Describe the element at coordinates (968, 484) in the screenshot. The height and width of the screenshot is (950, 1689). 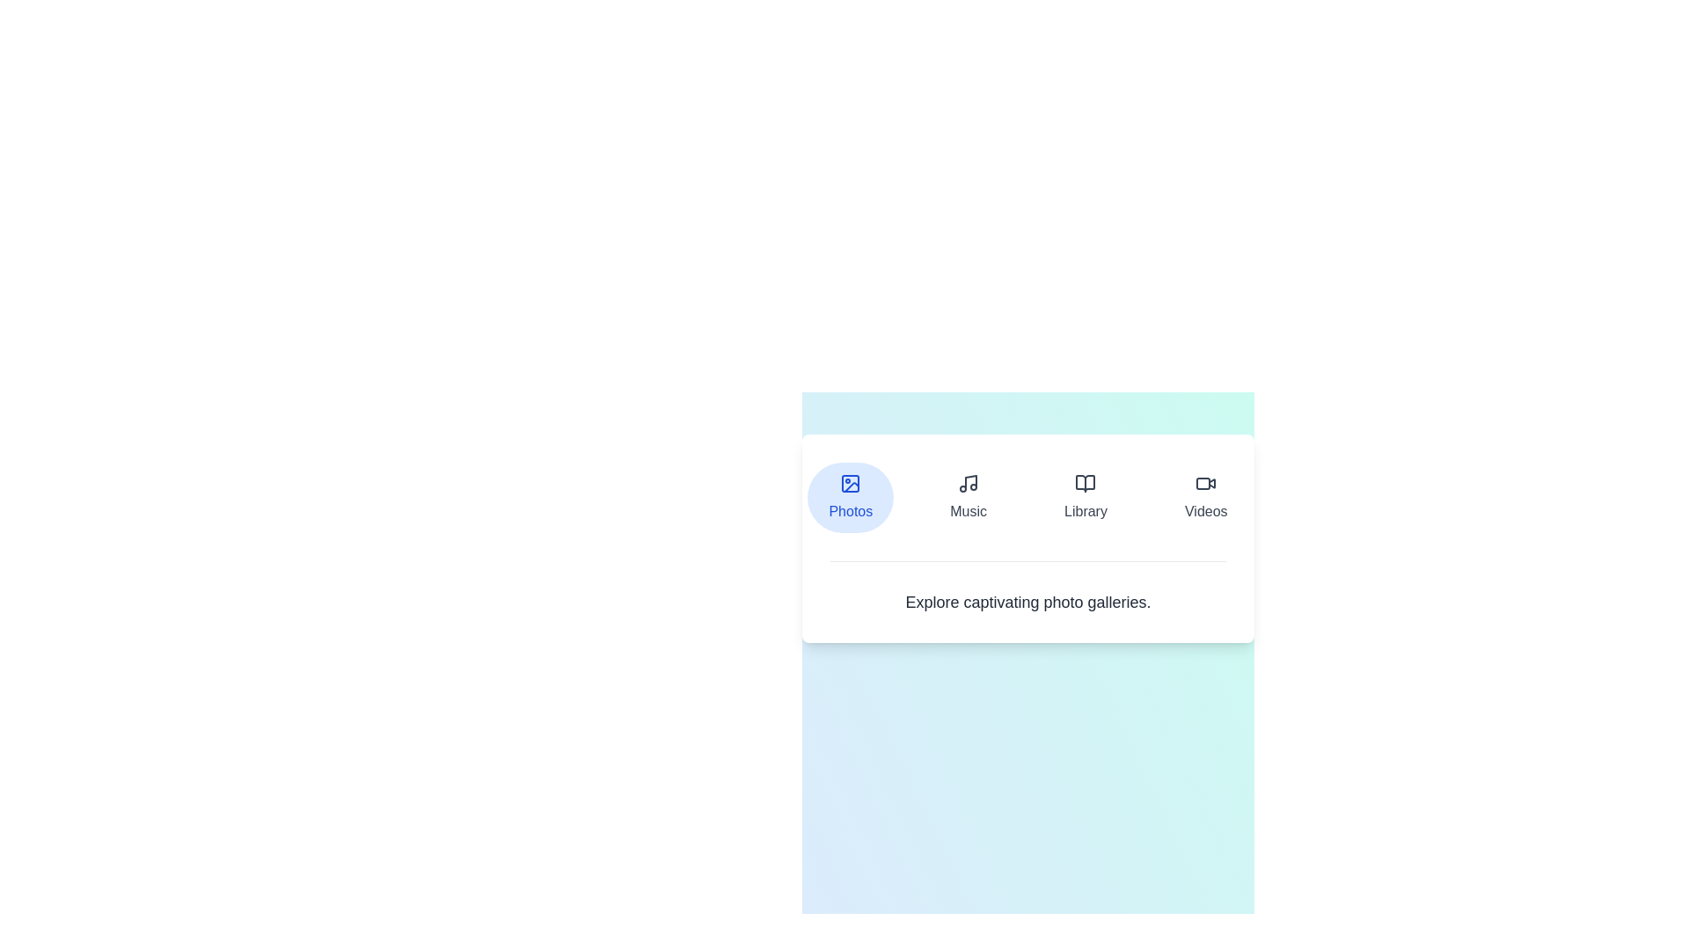
I see `the music note icon in the navigation menu` at that location.